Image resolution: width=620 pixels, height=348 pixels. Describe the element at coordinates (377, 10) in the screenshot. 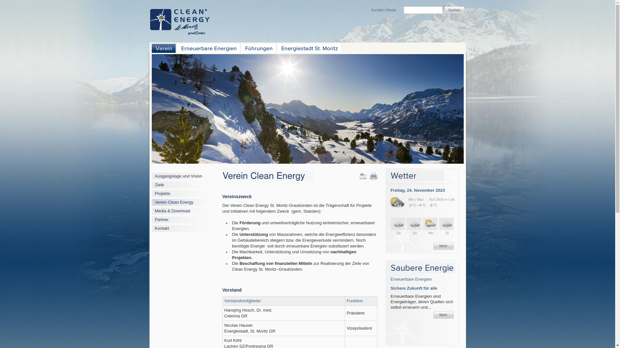

I see `'Kontakt'` at that location.